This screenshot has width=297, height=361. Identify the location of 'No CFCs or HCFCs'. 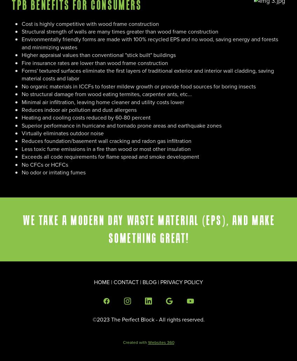
(45, 164).